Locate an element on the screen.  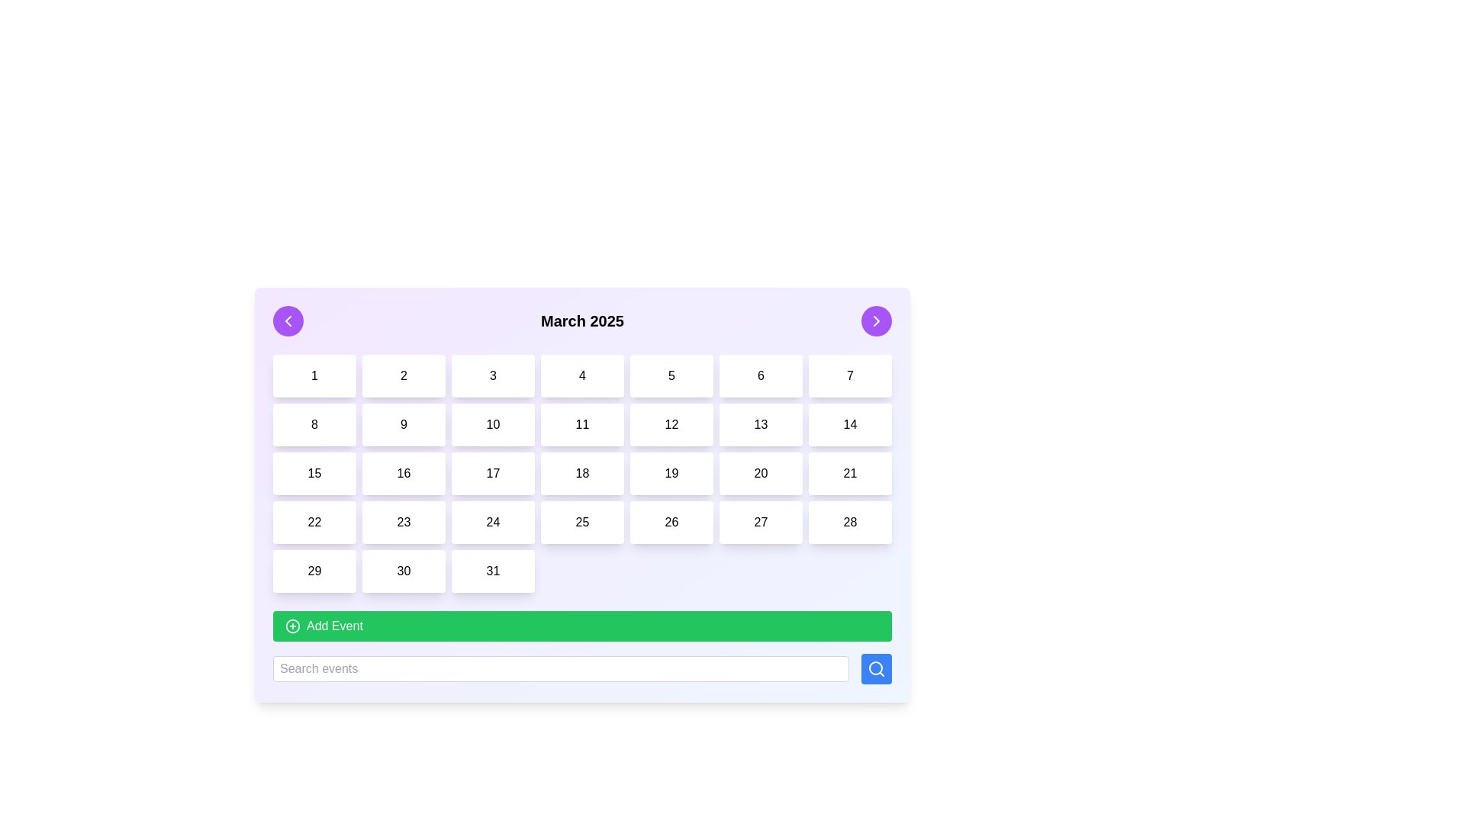
the calendar day block displaying the number '24' is located at coordinates (493, 522).